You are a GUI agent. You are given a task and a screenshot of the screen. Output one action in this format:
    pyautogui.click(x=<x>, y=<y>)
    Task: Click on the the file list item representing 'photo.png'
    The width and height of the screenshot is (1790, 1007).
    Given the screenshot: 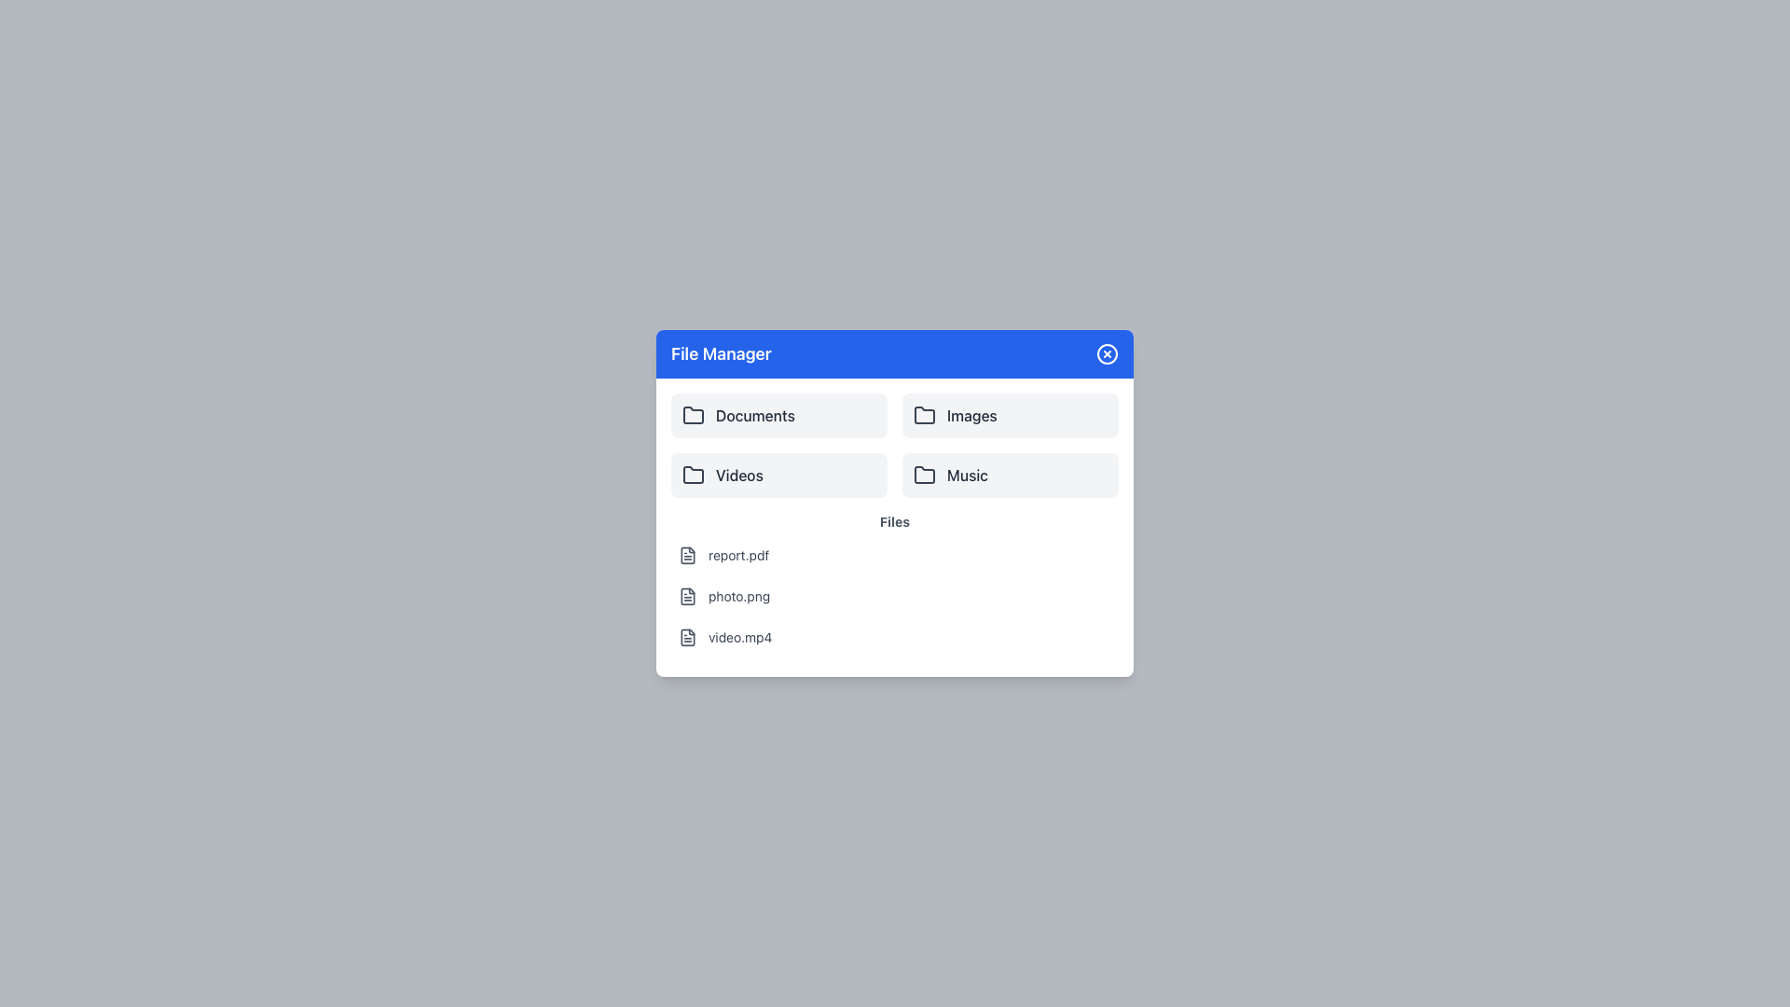 What is the action you would take?
    pyautogui.click(x=895, y=597)
    